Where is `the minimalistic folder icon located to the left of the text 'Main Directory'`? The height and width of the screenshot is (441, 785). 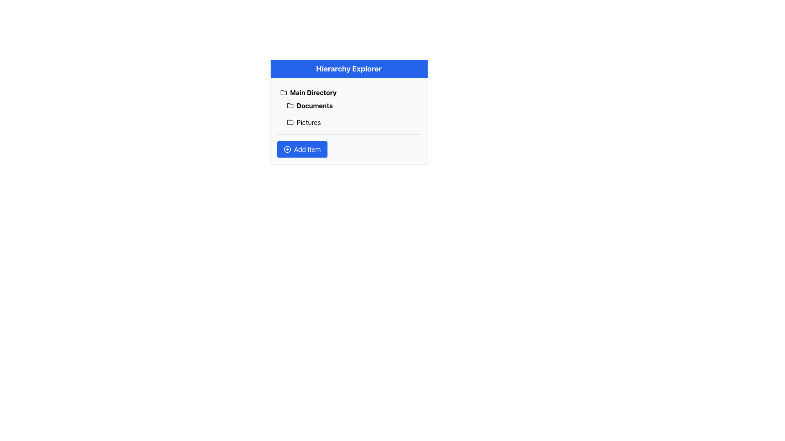 the minimalistic folder icon located to the left of the text 'Main Directory' is located at coordinates (283, 92).